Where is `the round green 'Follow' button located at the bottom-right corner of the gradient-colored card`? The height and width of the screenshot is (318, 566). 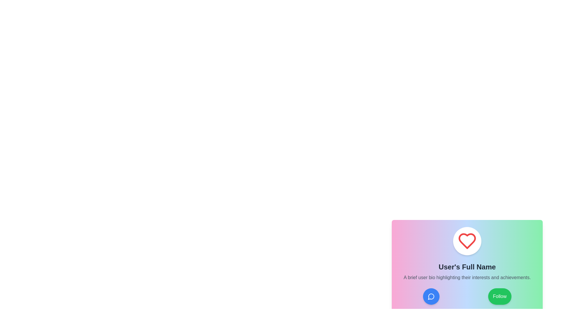 the round green 'Follow' button located at the bottom-right corner of the gradient-colored card is located at coordinates (499, 296).